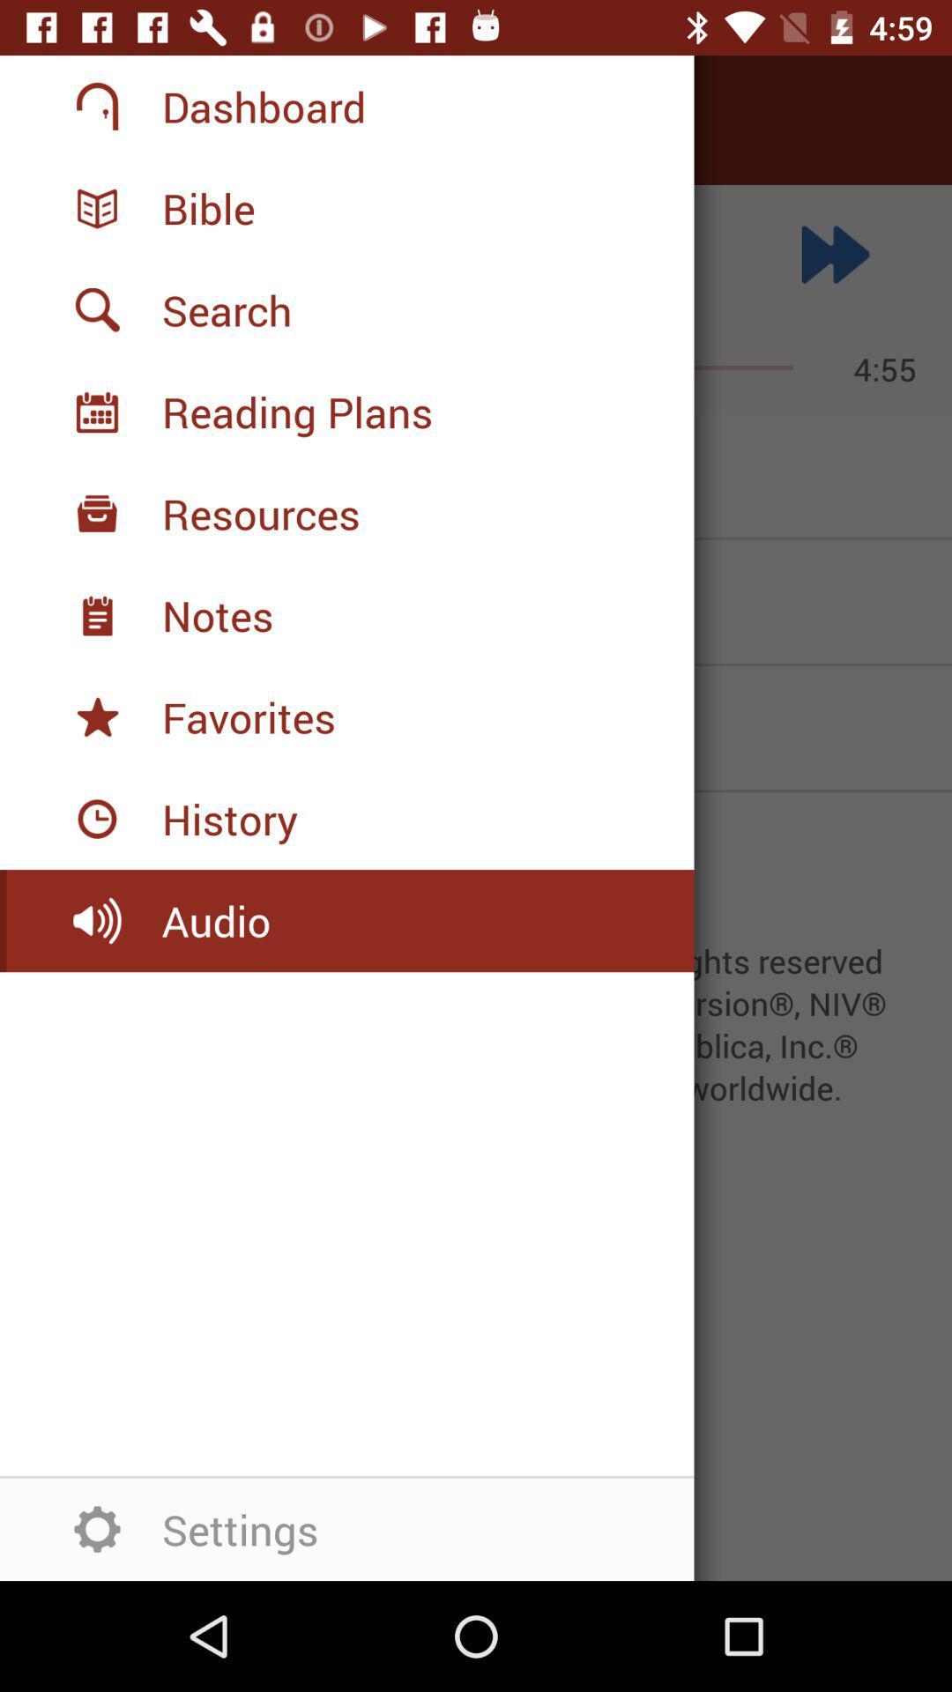  Describe the element at coordinates (835, 253) in the screenshot. I see `the av_forward icon` at that location.